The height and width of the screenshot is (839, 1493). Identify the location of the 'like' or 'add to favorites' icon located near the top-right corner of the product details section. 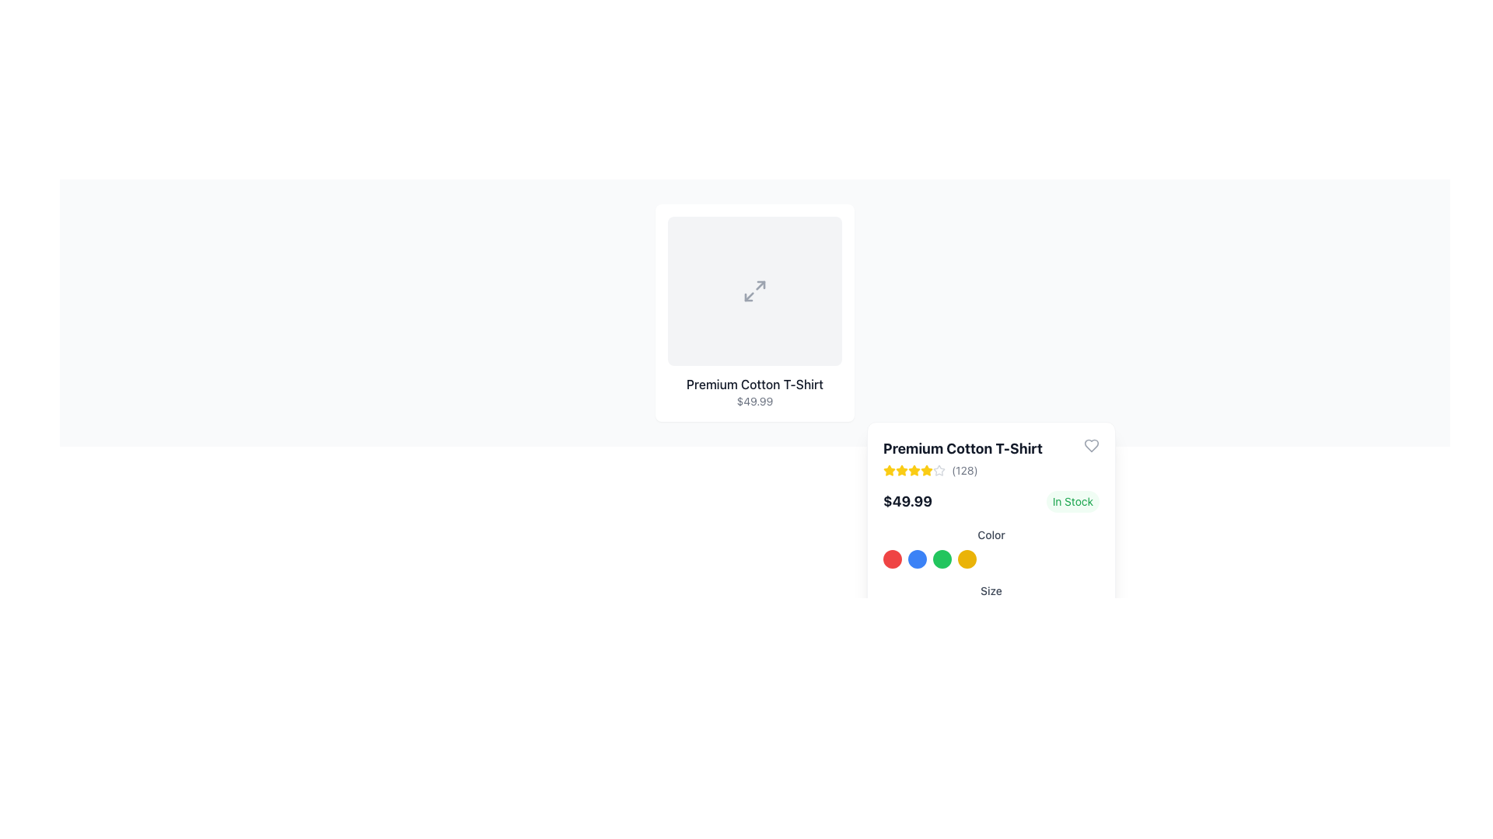
(1090, 446).